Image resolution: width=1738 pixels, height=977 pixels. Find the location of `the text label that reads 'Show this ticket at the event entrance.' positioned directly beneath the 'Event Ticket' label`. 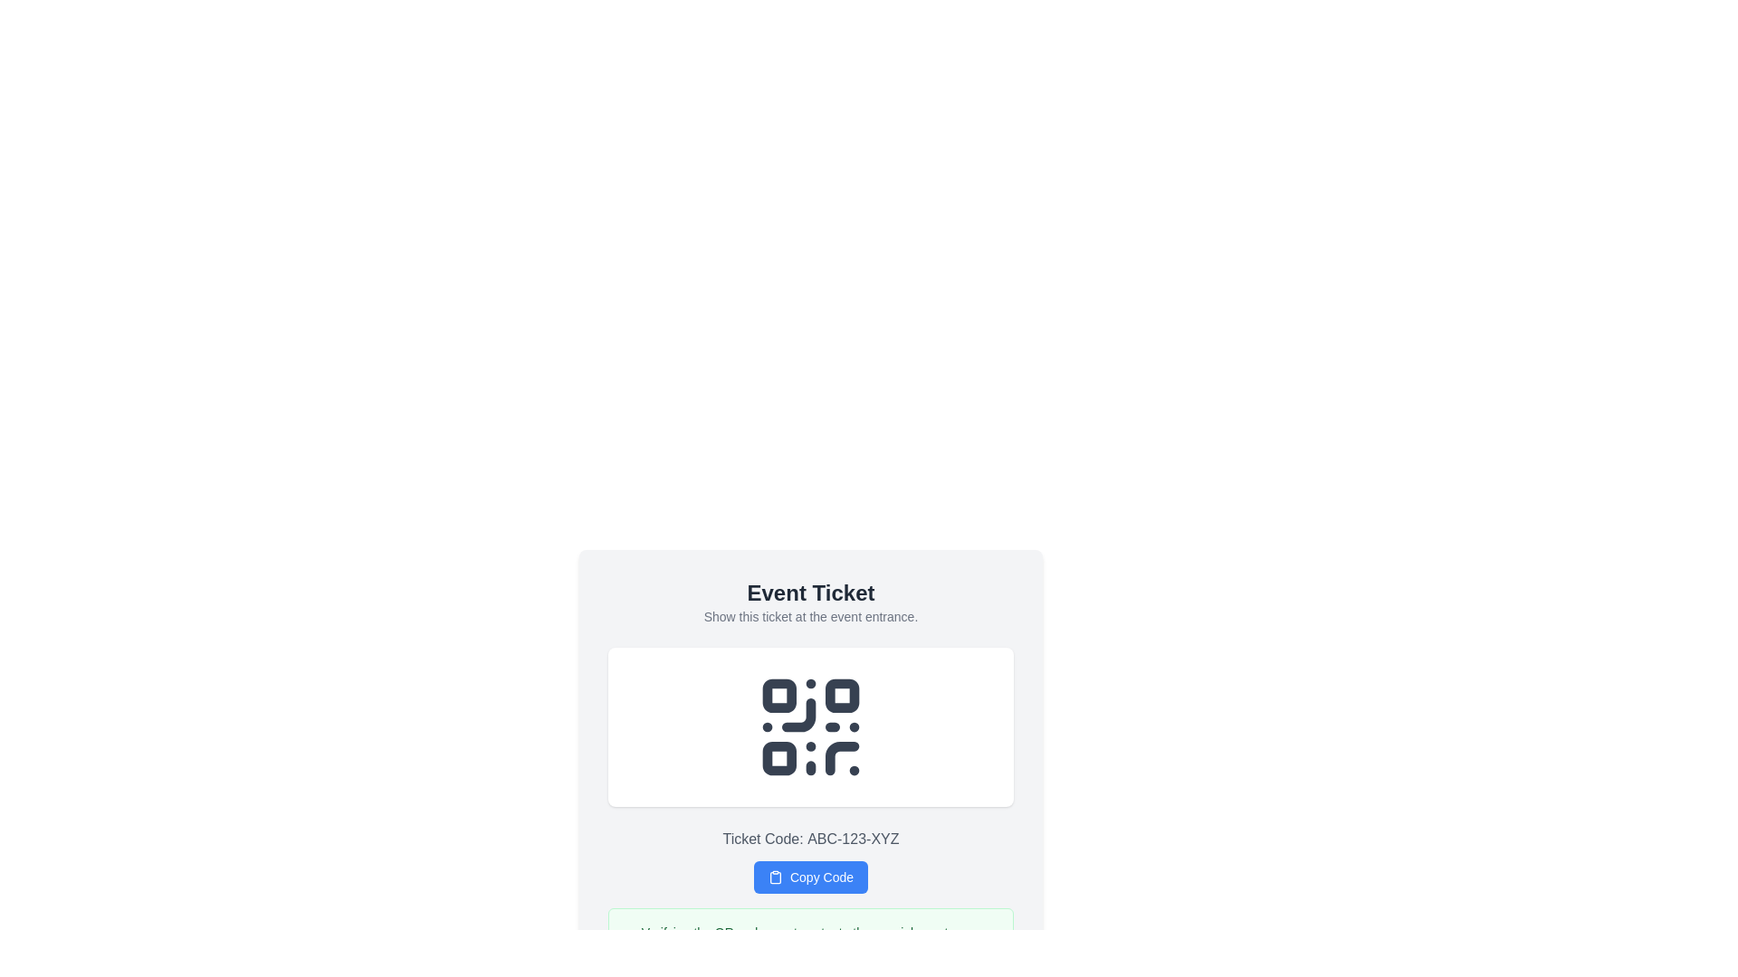

the text label that reads 'Show this ticket at the event entrance.' positioned directly beneath the 'Event Ticket' label is located at coordinates (810, 616).